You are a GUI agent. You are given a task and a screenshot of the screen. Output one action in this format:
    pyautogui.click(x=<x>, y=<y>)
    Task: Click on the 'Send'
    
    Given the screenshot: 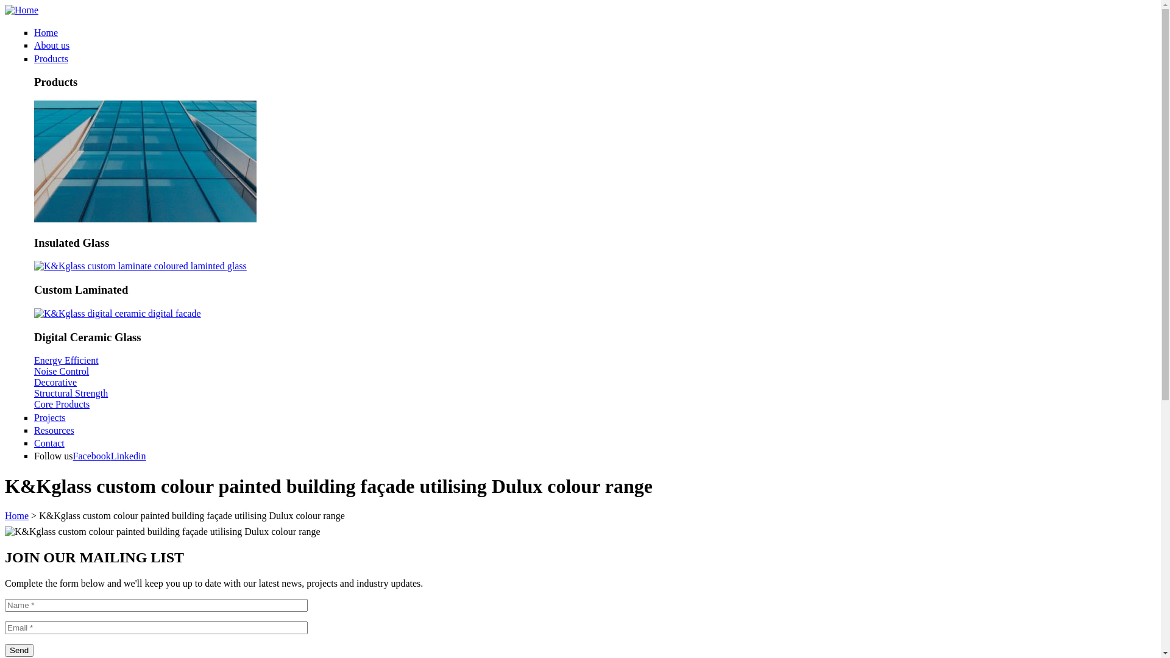 What is the action you would take?
    pyautogui.click(x=19, y=649)
    